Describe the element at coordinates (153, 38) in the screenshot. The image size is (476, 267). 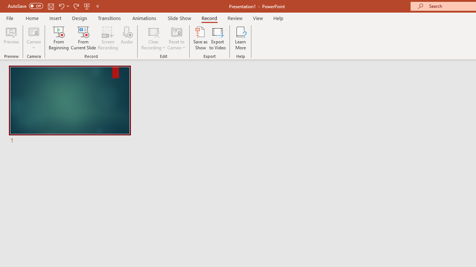
I see `'Clear Recording'` at that location.